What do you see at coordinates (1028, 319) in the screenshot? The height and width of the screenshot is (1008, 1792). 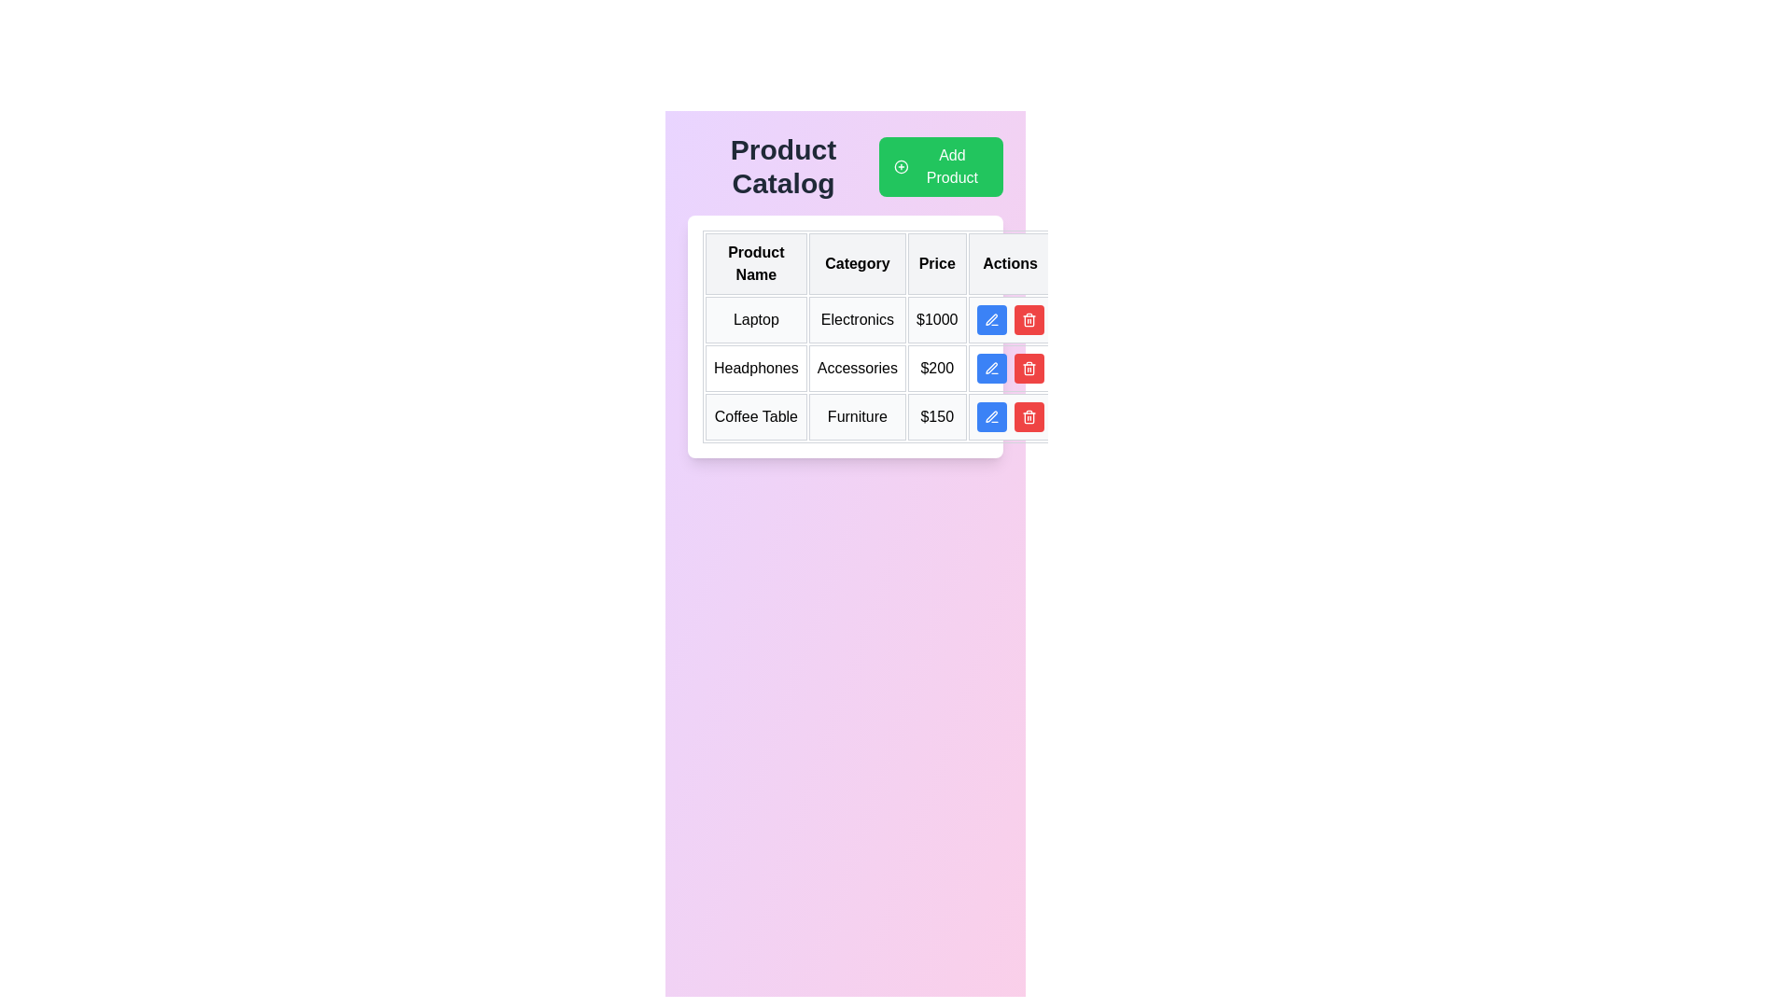 I see `the trash can icon with a red background in the 'Actions' column of the first row of the table` at bounding box center [1028, 319].